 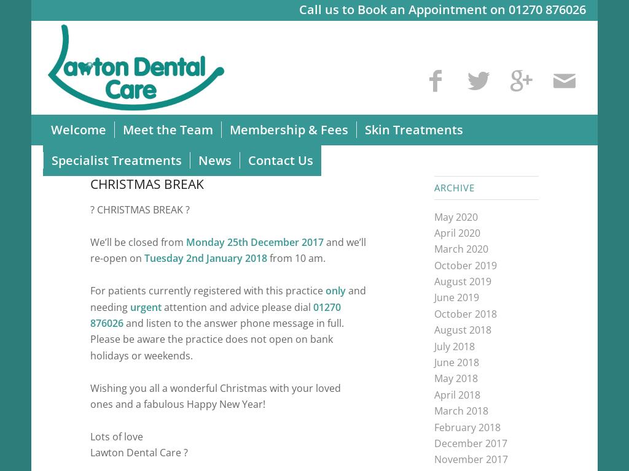 What do you see at coordinates (139, 209) in the screenshot?
I see `'CHRISTMAS BREAK'` at bounding box center [139, 209].